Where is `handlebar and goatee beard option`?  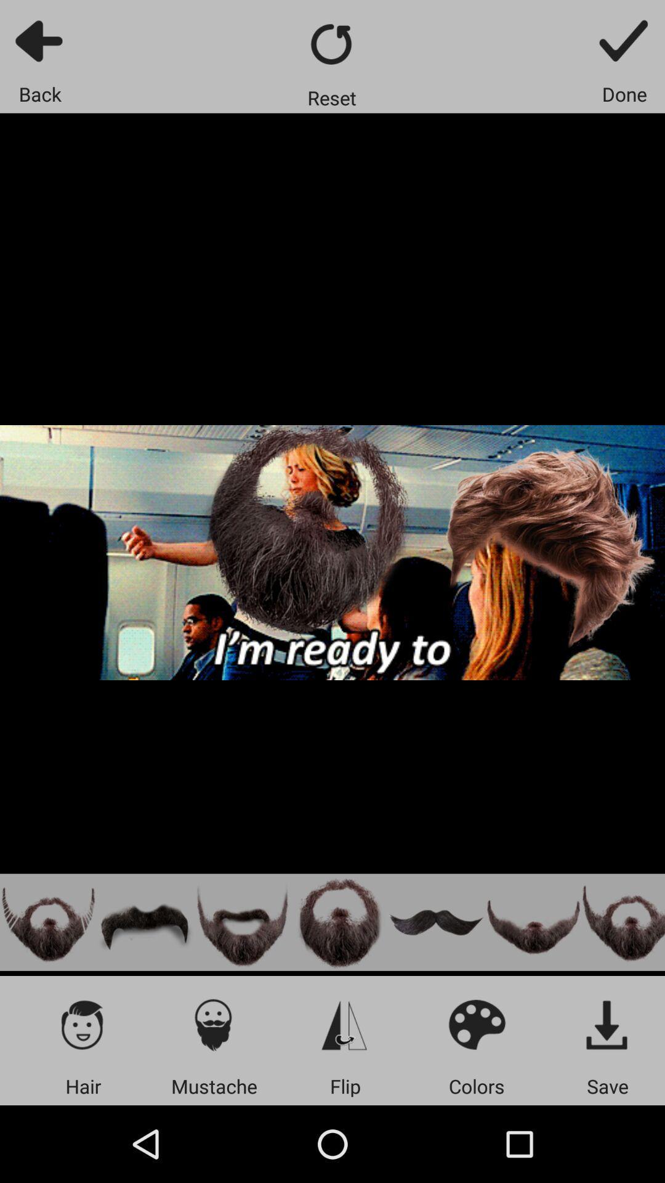 handlebar and goatee beard option is located at coordinates (242, 922).